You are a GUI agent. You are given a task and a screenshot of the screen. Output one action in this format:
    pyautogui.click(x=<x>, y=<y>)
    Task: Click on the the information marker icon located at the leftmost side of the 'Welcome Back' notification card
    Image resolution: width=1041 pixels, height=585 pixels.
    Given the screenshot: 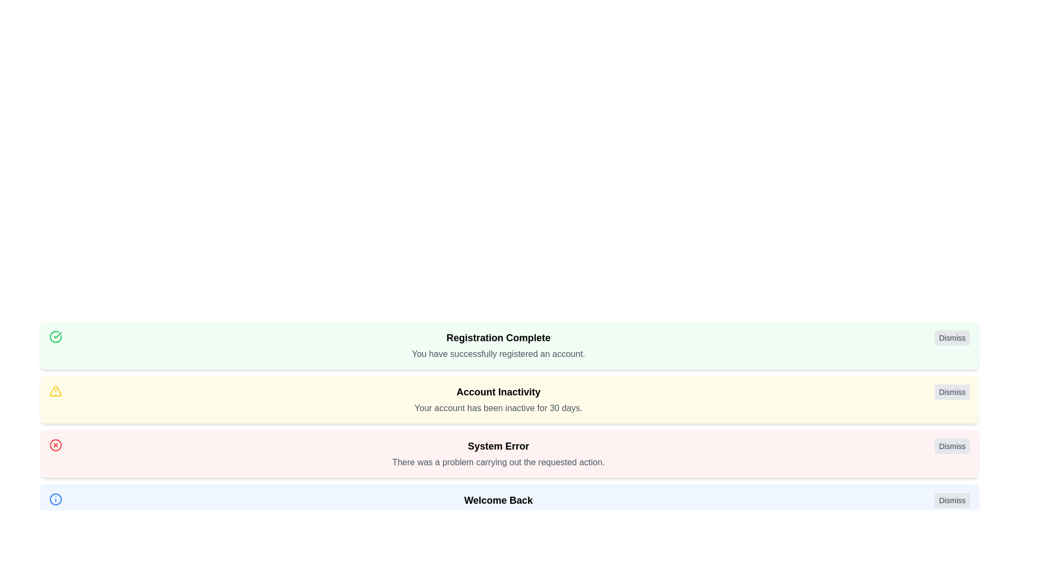 What is the action you would take?
    pyautogui.click(x=55, y=499)
    